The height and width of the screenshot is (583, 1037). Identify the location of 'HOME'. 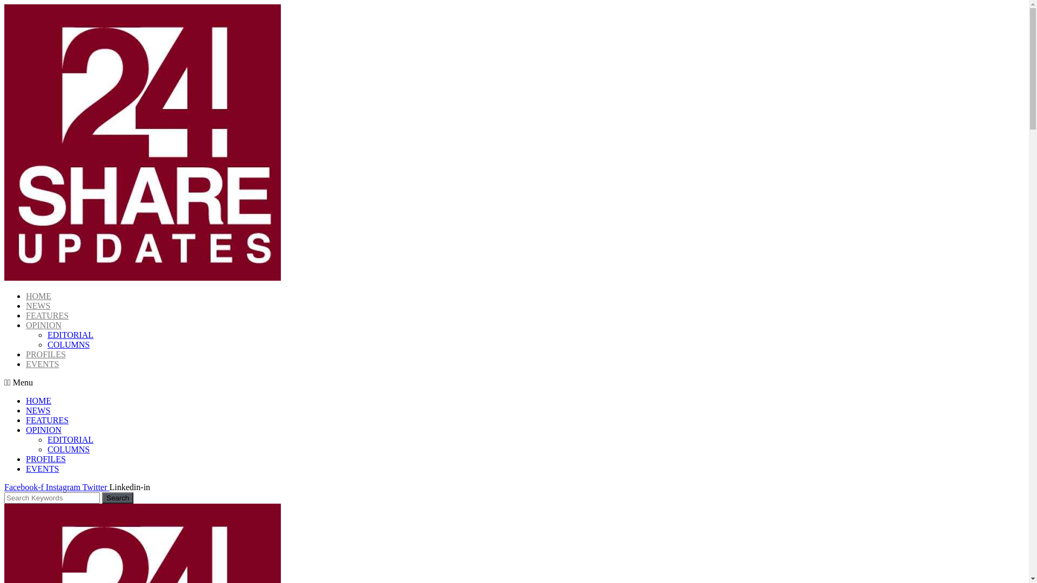
(26, 401).